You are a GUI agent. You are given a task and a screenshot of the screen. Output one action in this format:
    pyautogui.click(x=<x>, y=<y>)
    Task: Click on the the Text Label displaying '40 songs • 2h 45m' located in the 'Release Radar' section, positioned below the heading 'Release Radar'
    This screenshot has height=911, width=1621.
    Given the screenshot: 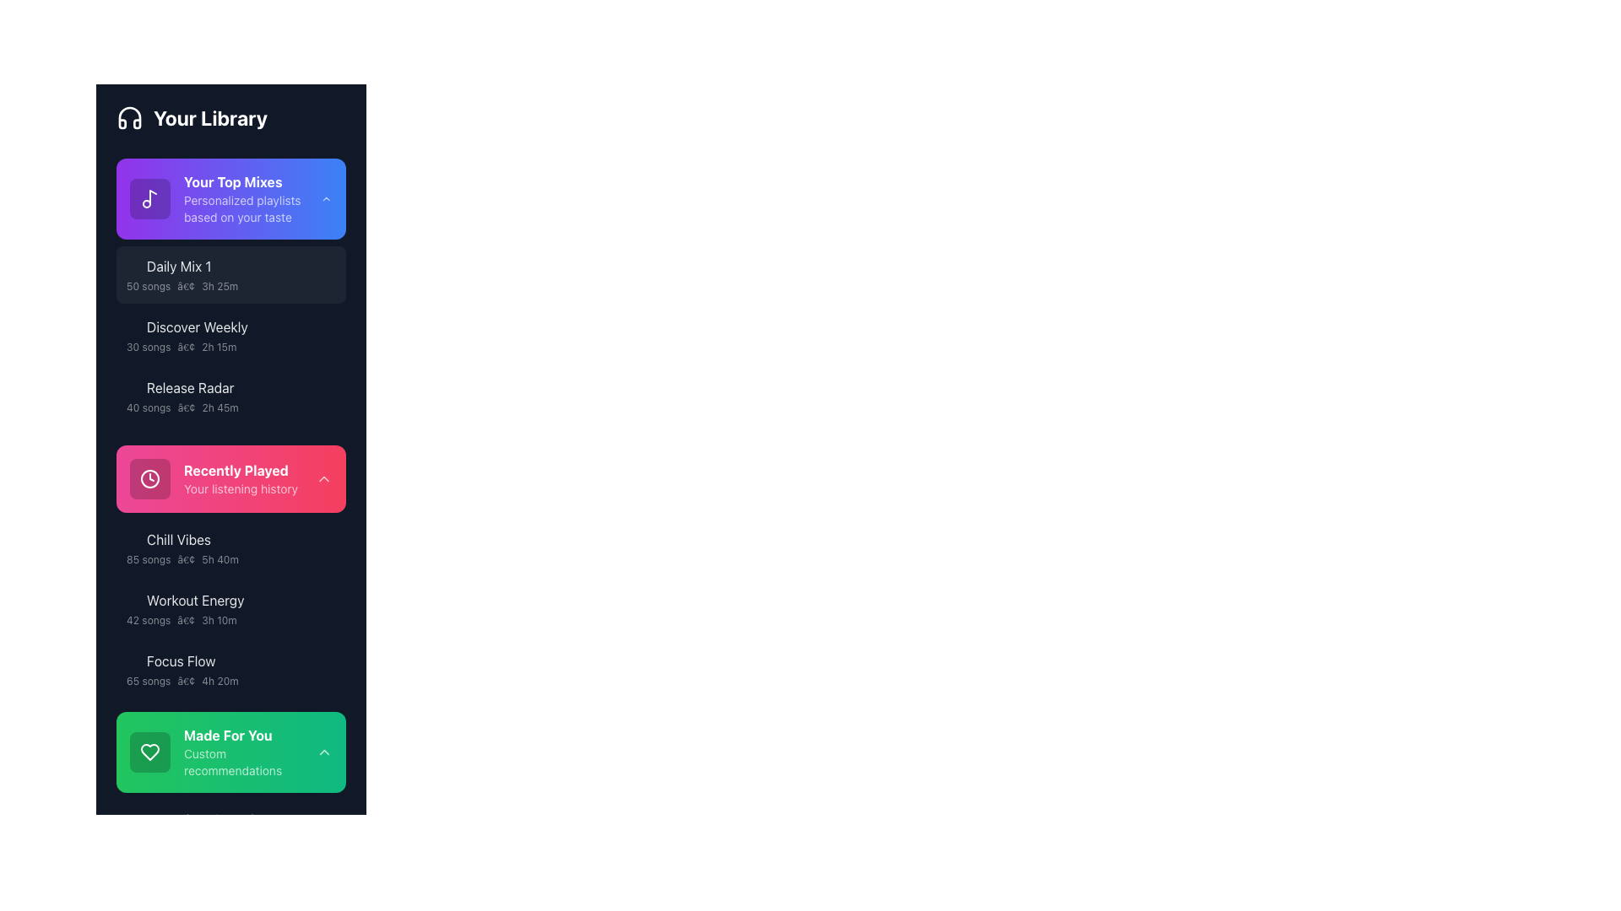 What is the action you would take?
    pyautogui.click(x=222, y=407)
    